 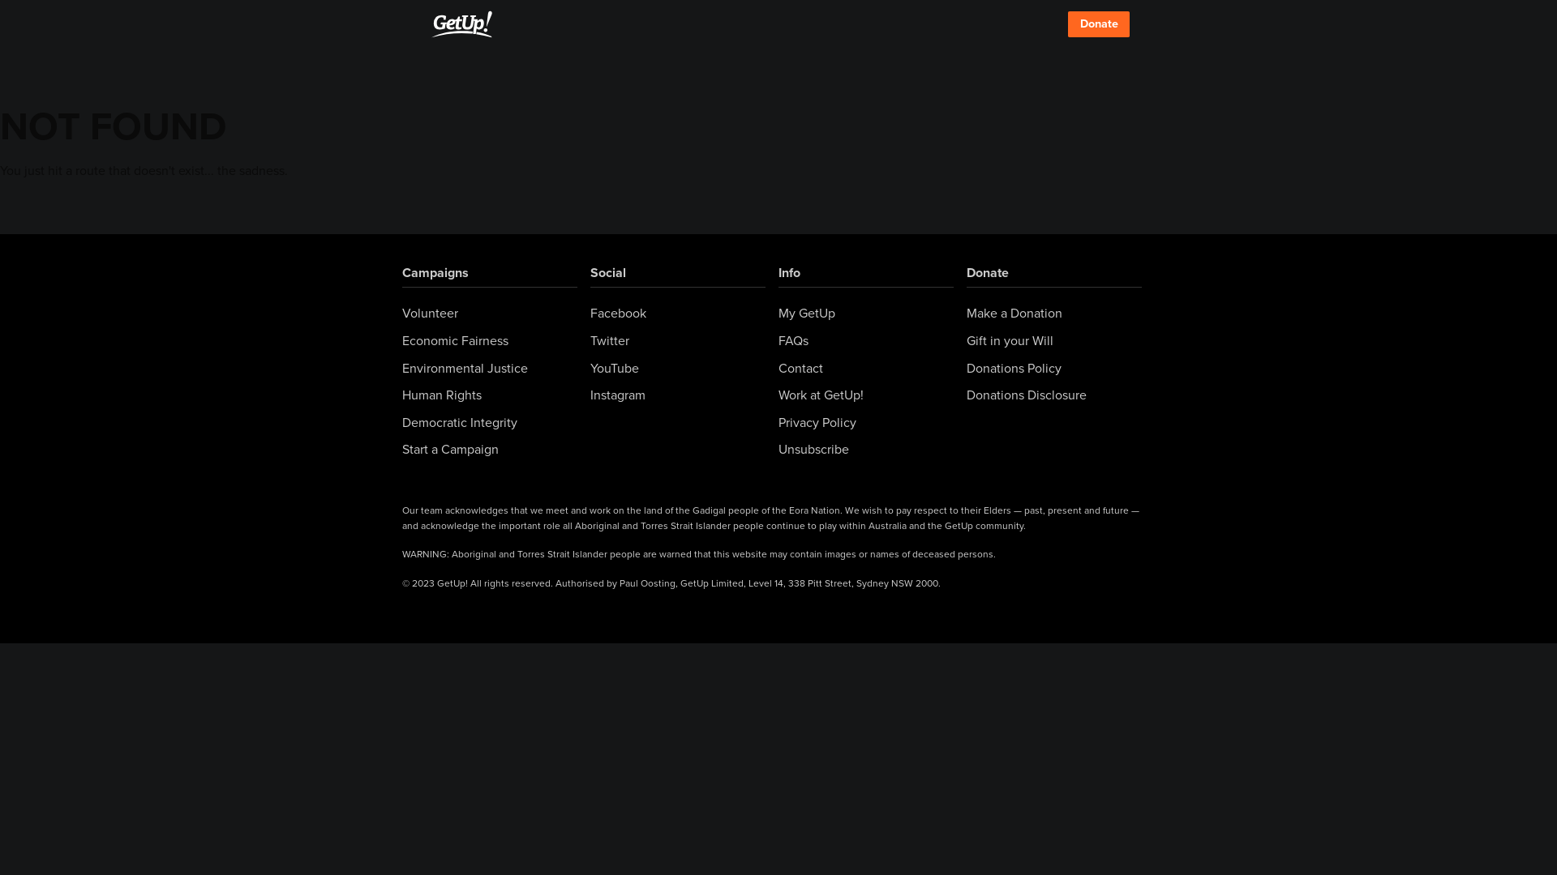 I want to click on 'Democratic Integrity', so click(x=458, y=421).